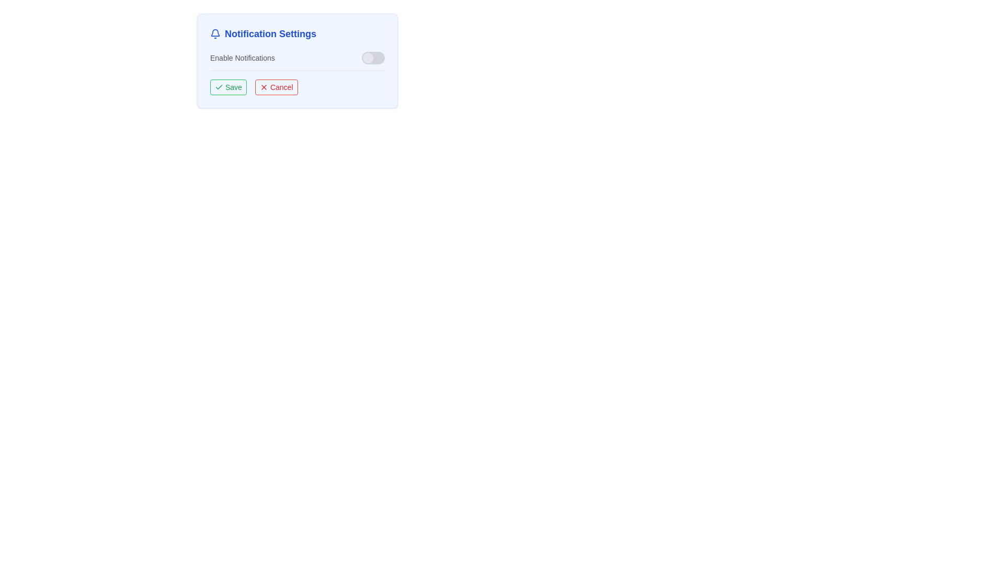  Describe the element at coordinates (233, 86) in the screenshot. I see `the text label that serves as the identifier for the save button in the notification settings panel` at that location.